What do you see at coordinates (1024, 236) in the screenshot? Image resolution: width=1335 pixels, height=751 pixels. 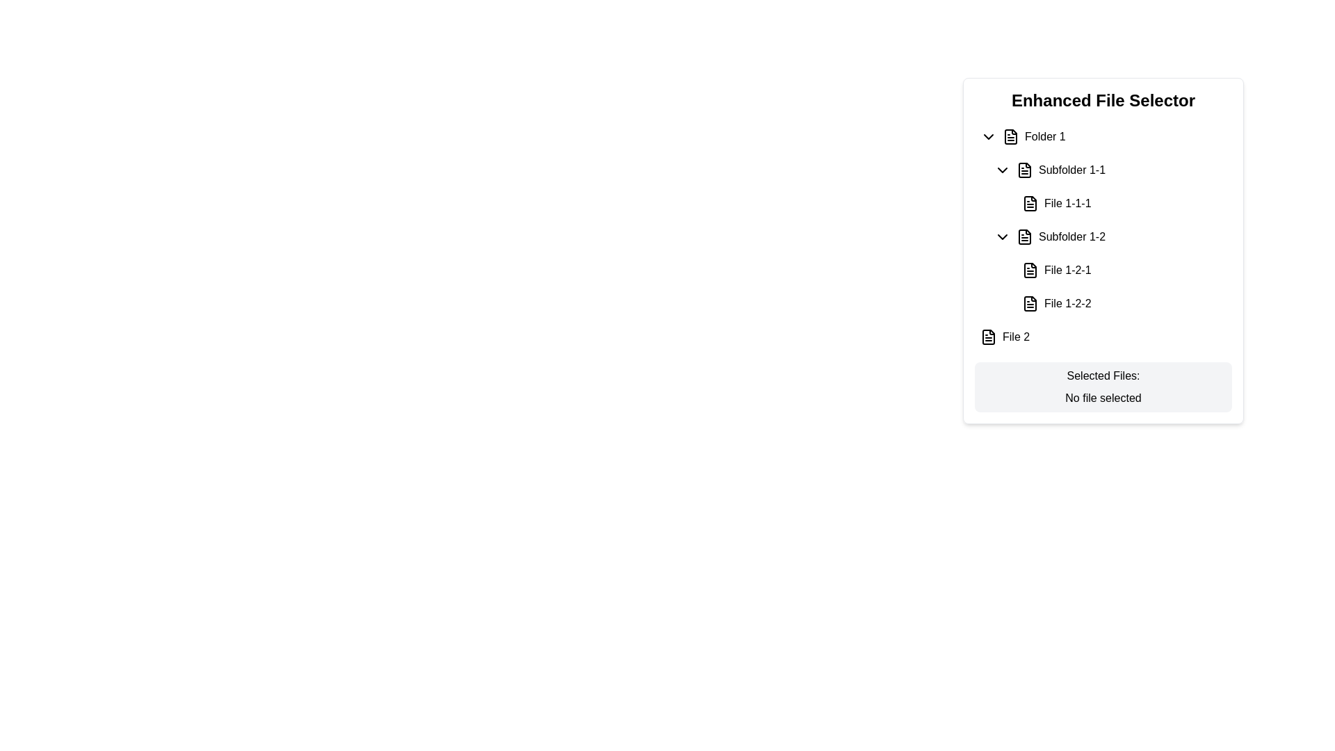 I see `the rounded rectangle icon representing 'Subfolder 1-2' in the file selector interface to interact with the associated list item or folder` at bounding box center [1024, 236].